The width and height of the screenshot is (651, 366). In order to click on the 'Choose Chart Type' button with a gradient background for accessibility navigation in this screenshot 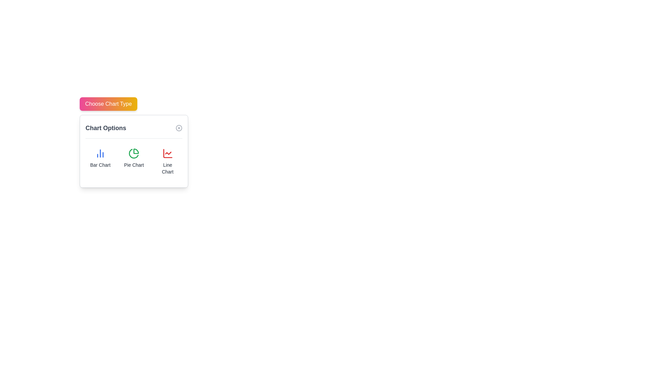, I will do `click(108, 104)`.